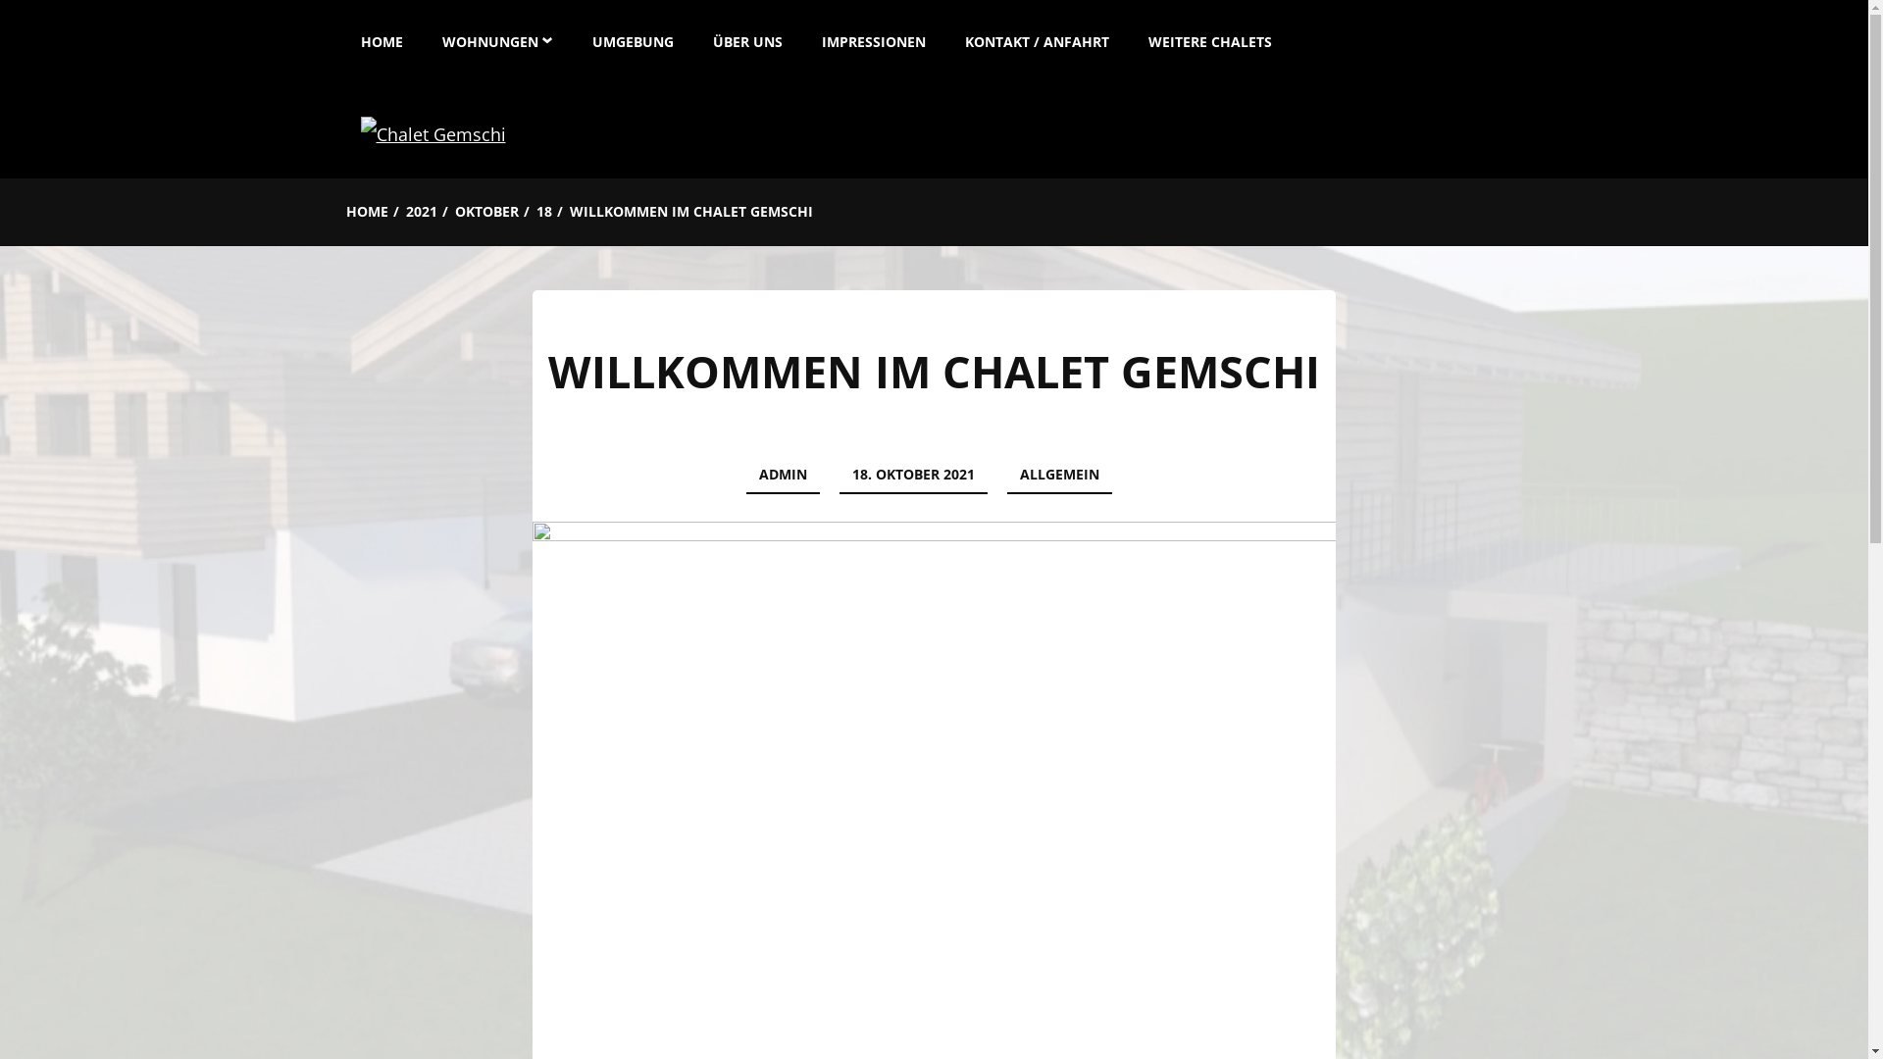  Describe the element at coordinates (1036, 37) in the screenshot. I see `'KONTAKT / ANFAHRT'` at that location.